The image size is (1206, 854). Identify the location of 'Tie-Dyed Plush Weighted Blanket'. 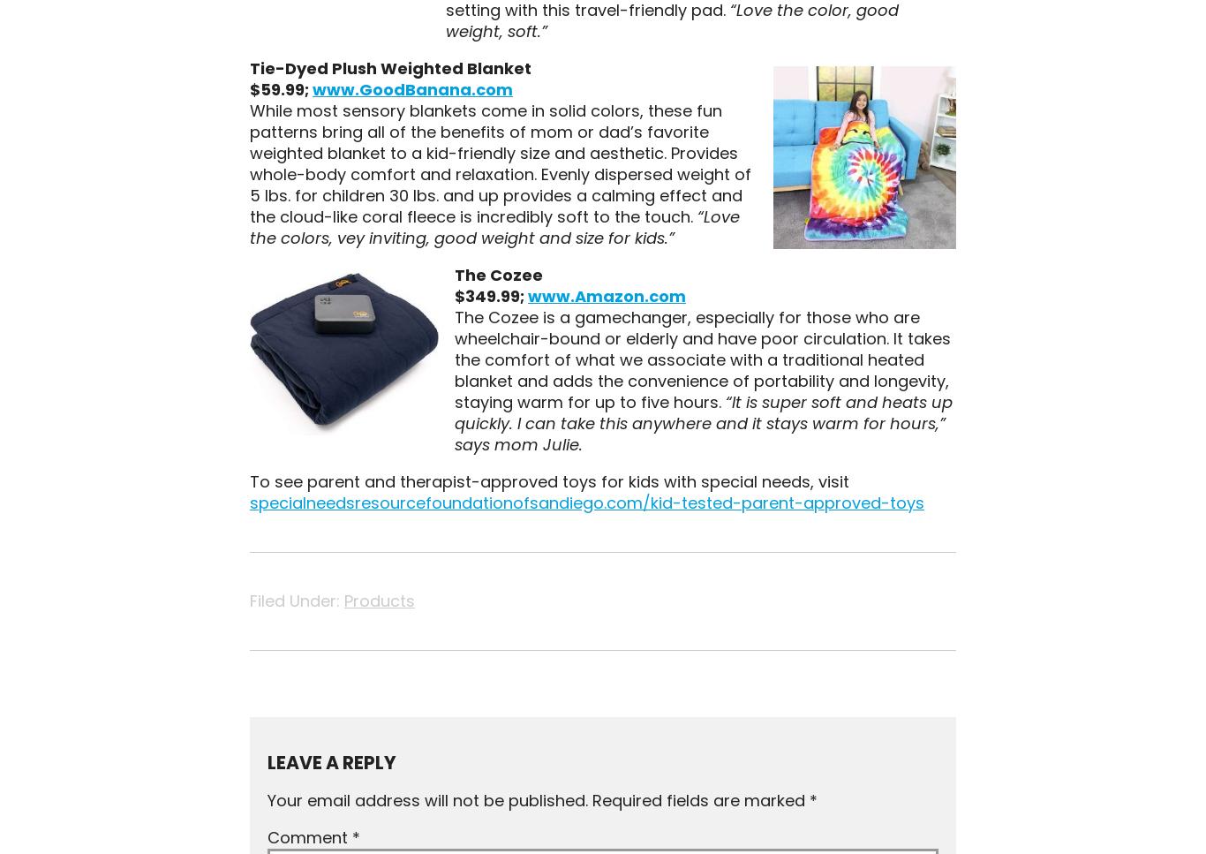
(388, 67).